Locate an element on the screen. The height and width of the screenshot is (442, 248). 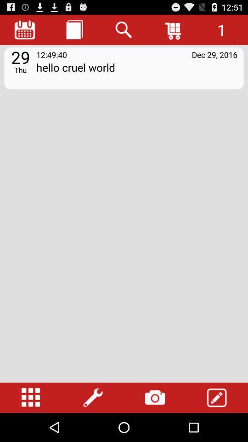
item next to 12:49:40 item is located at coordinates (214, 54).